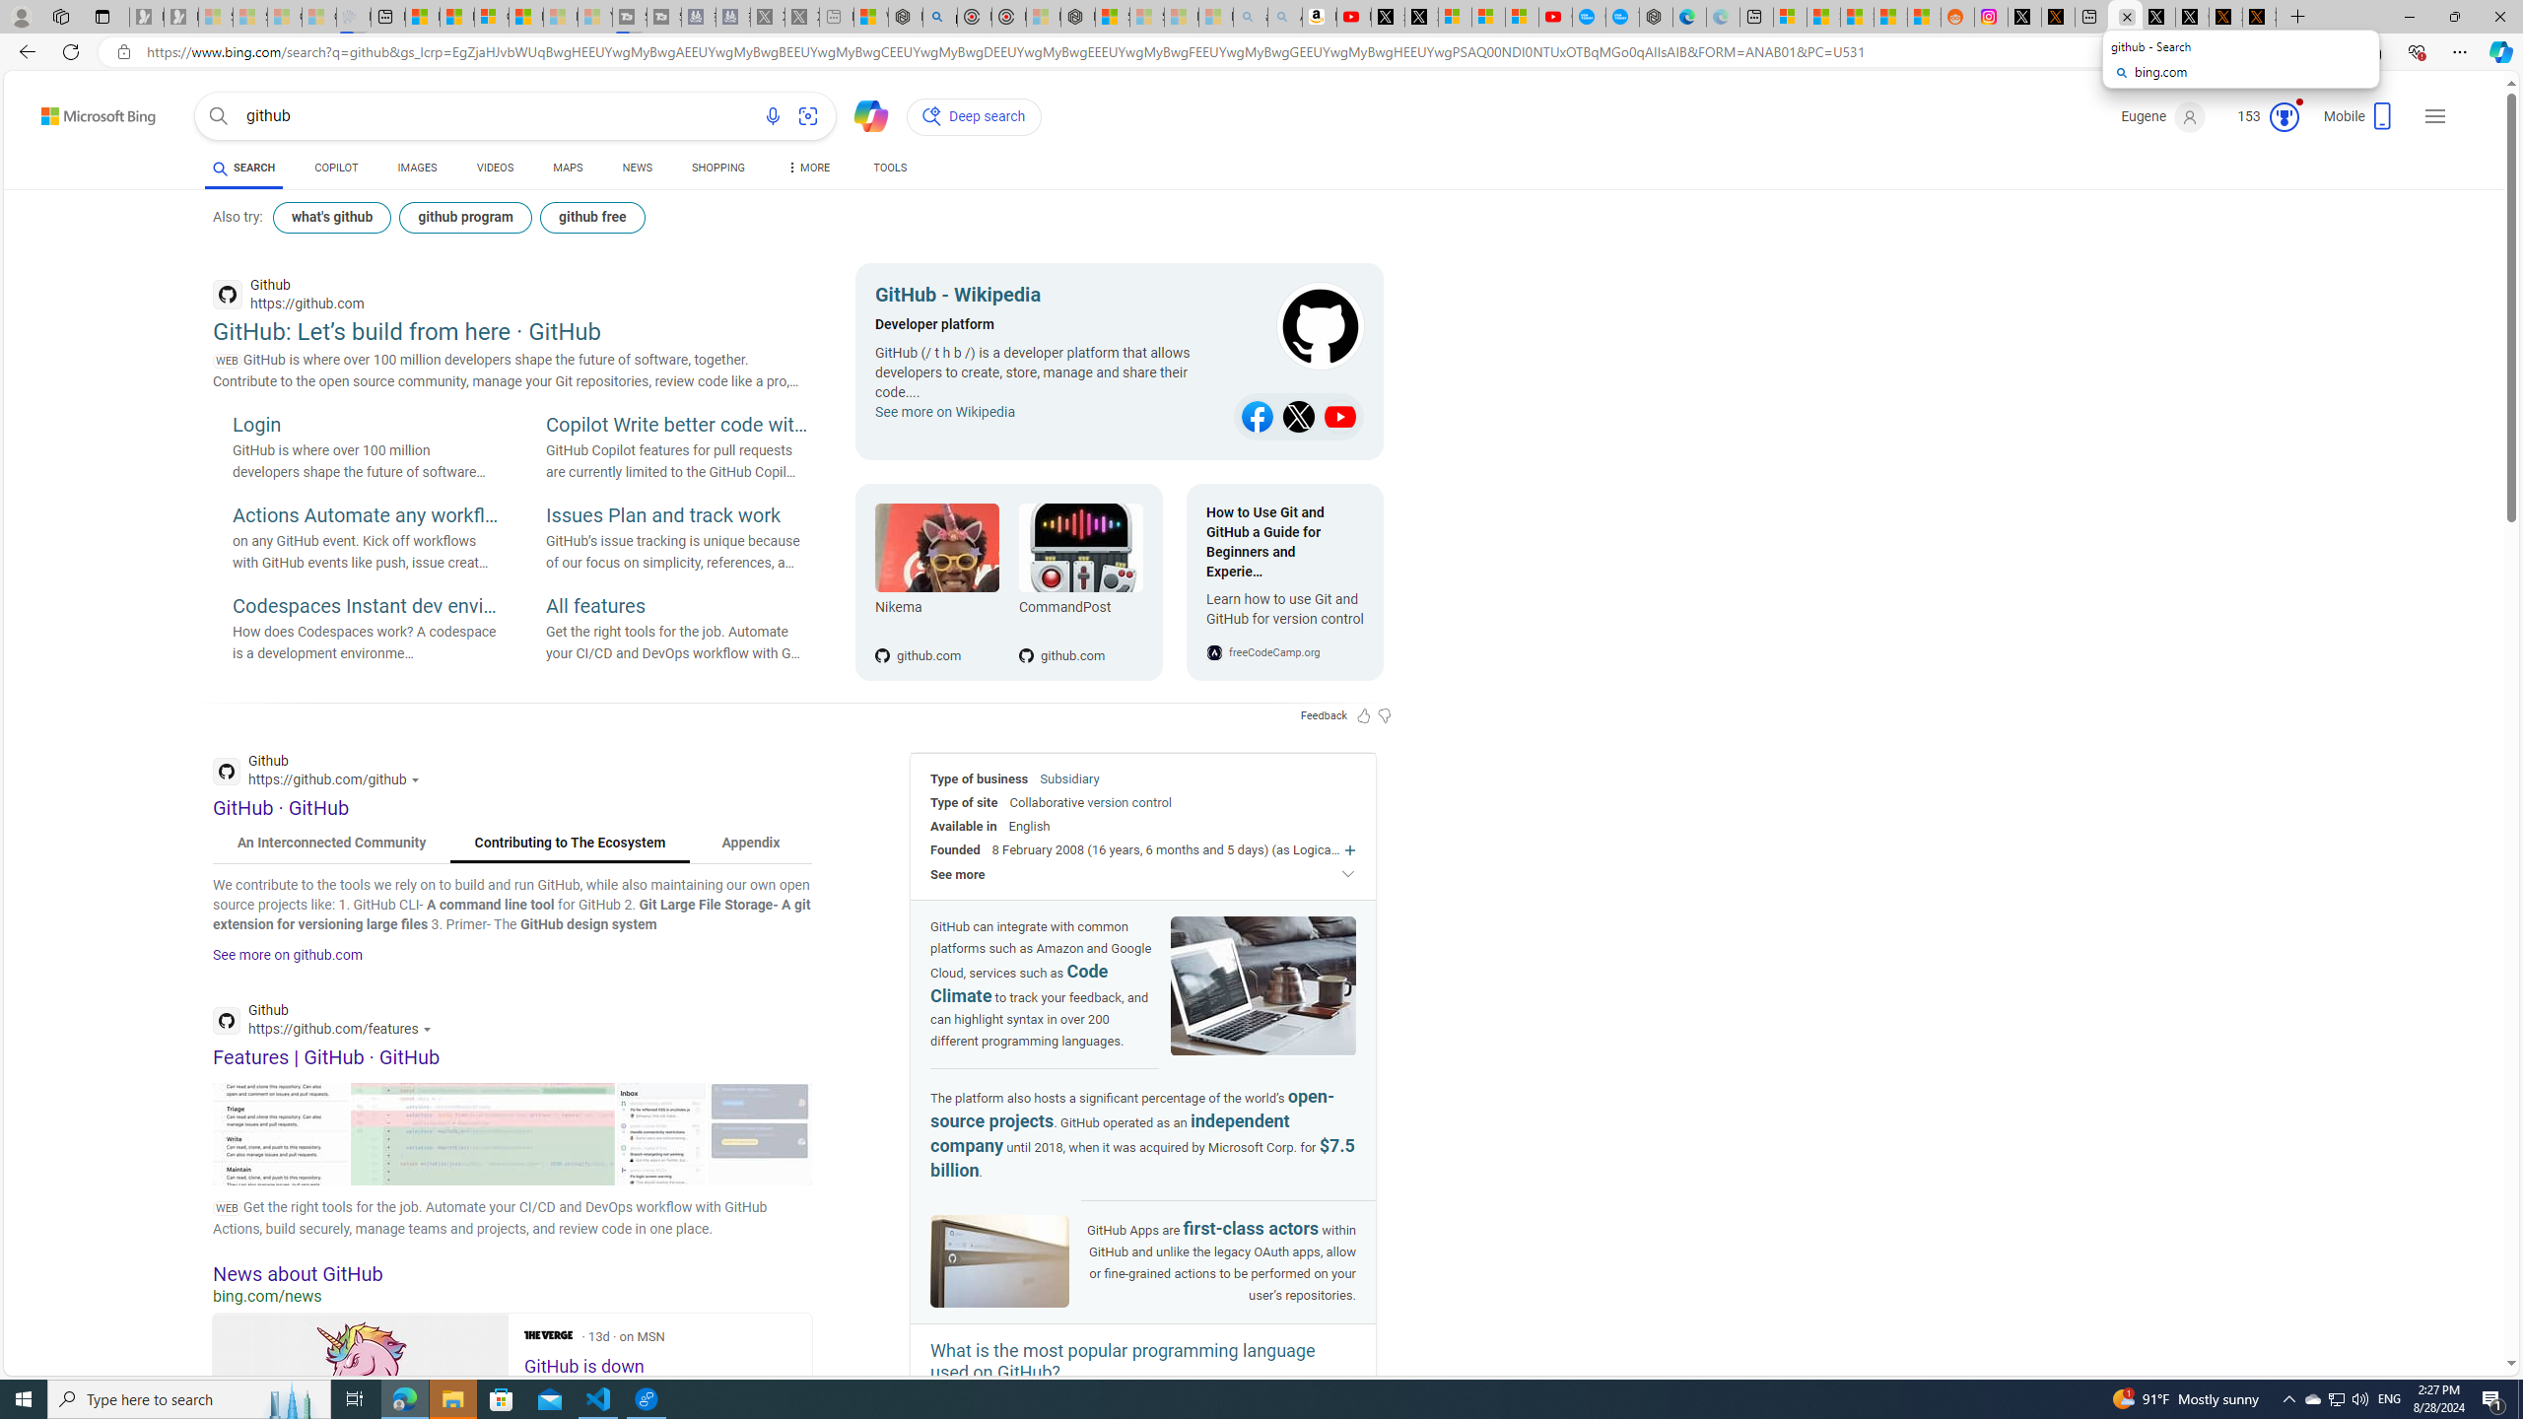  Describe the element at coordinates (226, 1020) in the screenshot. I see `'Global web icon'` at that location.